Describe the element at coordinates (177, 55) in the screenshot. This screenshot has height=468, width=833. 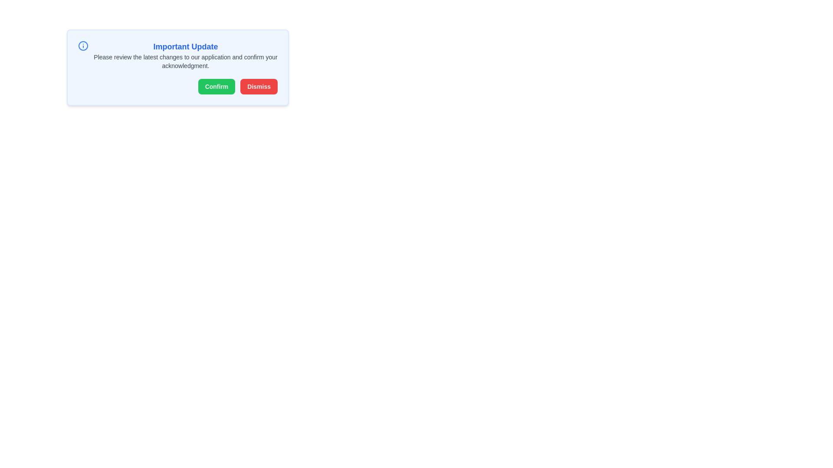
I see `text in the Information block located in the header section of the notification box above the 'Confirm' and 'Dismiss' buttons` at that location.